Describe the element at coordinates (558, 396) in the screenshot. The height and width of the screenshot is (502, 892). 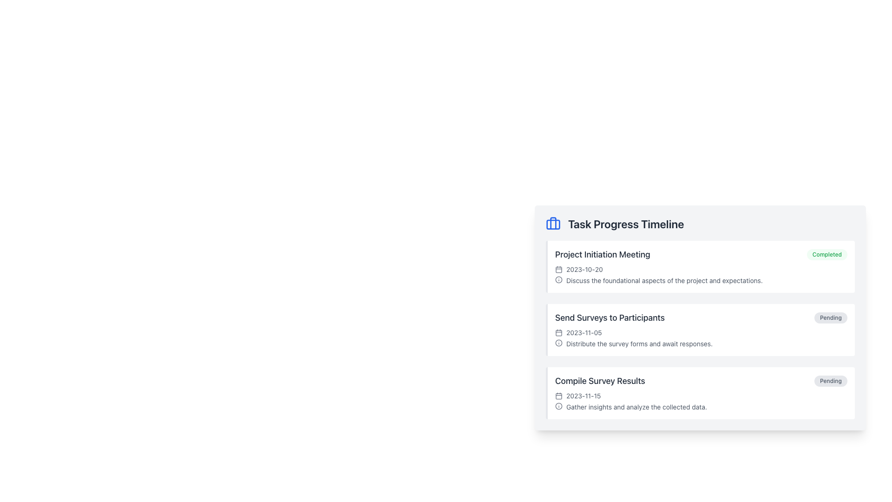
I see `the main visual aspect of the calendar icon, which is the SVG rectangle representing a date or schedule, located in the 'Task Progress Timeline' section` at that location.